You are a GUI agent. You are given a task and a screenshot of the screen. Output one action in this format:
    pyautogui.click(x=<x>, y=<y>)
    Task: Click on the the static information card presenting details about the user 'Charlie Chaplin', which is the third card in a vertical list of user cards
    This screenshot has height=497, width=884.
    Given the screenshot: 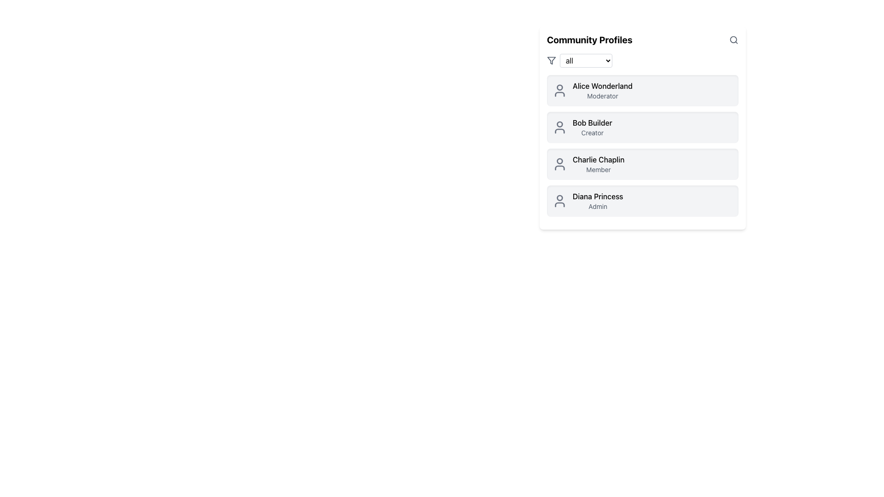 What is the action you would take?
    pyautogui.click(x=642, y=164)
    